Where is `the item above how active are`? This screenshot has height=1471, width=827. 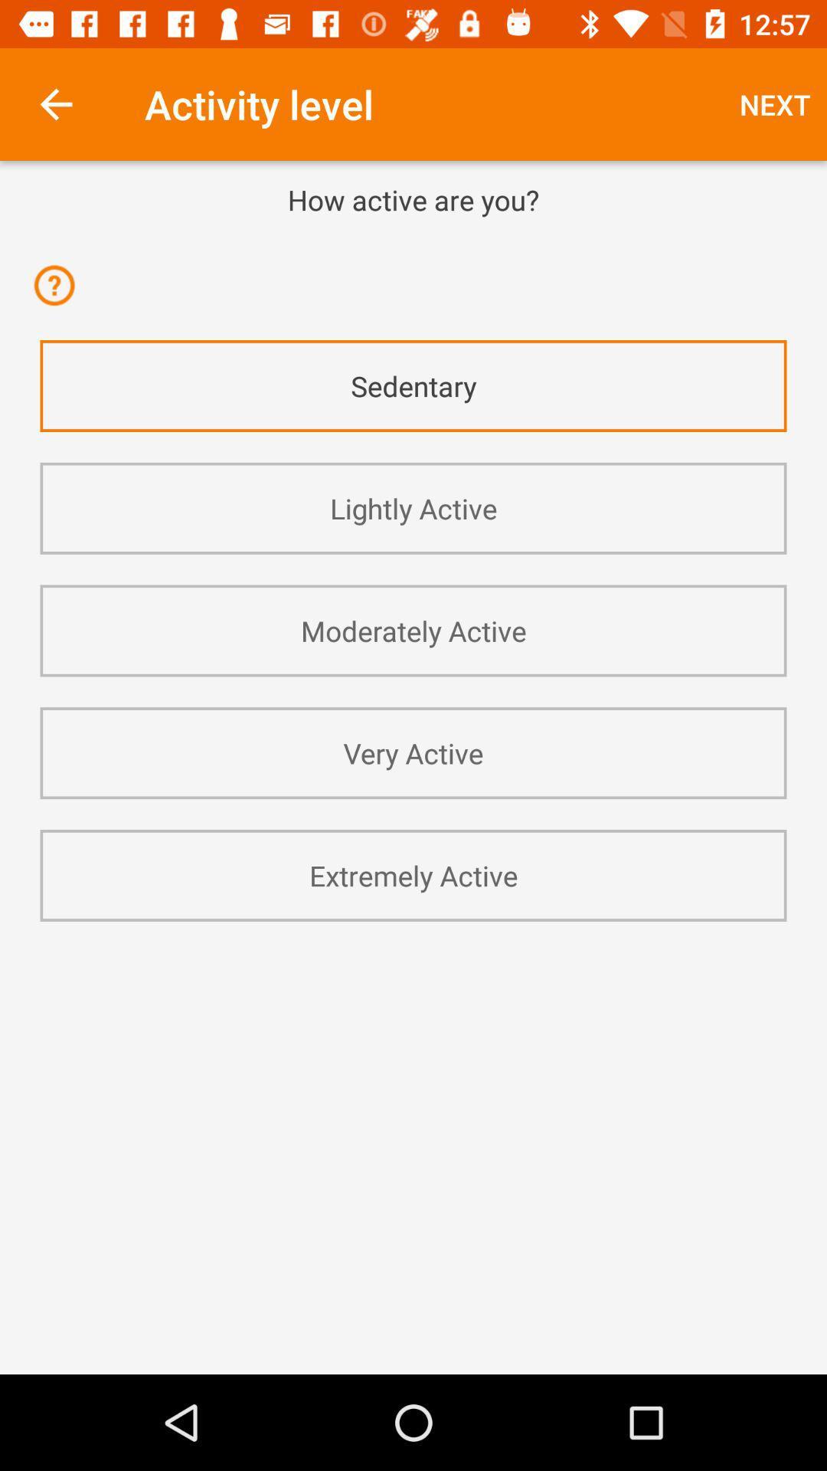
the item above how active are is located at coordinates (775, 103).